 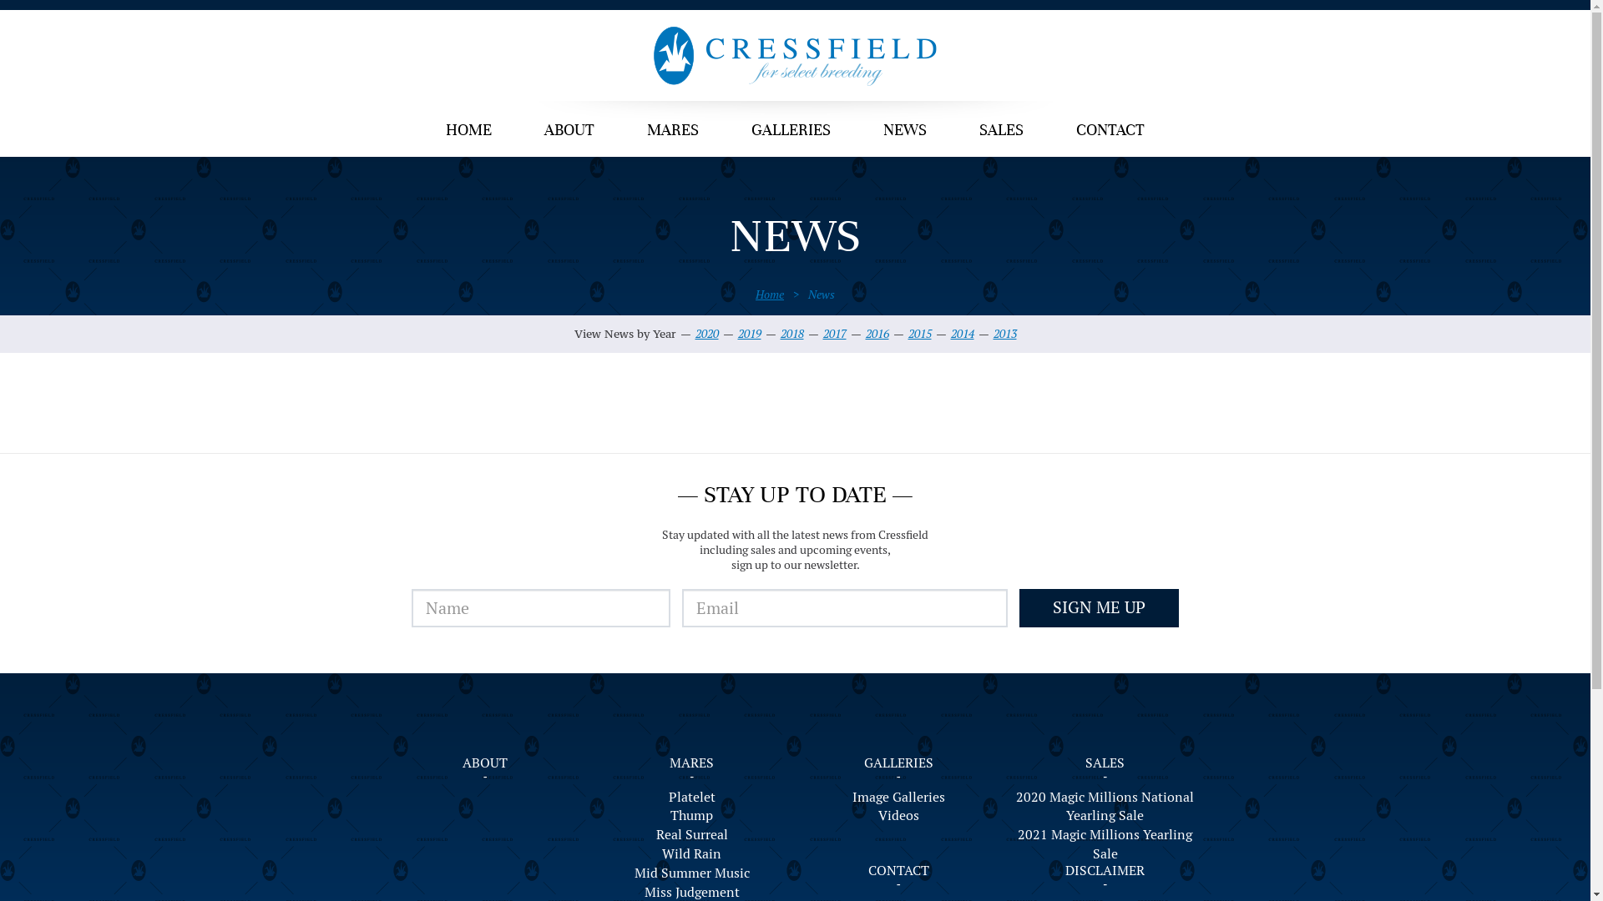 I want to click on '2020', so click(x=705, y=334).